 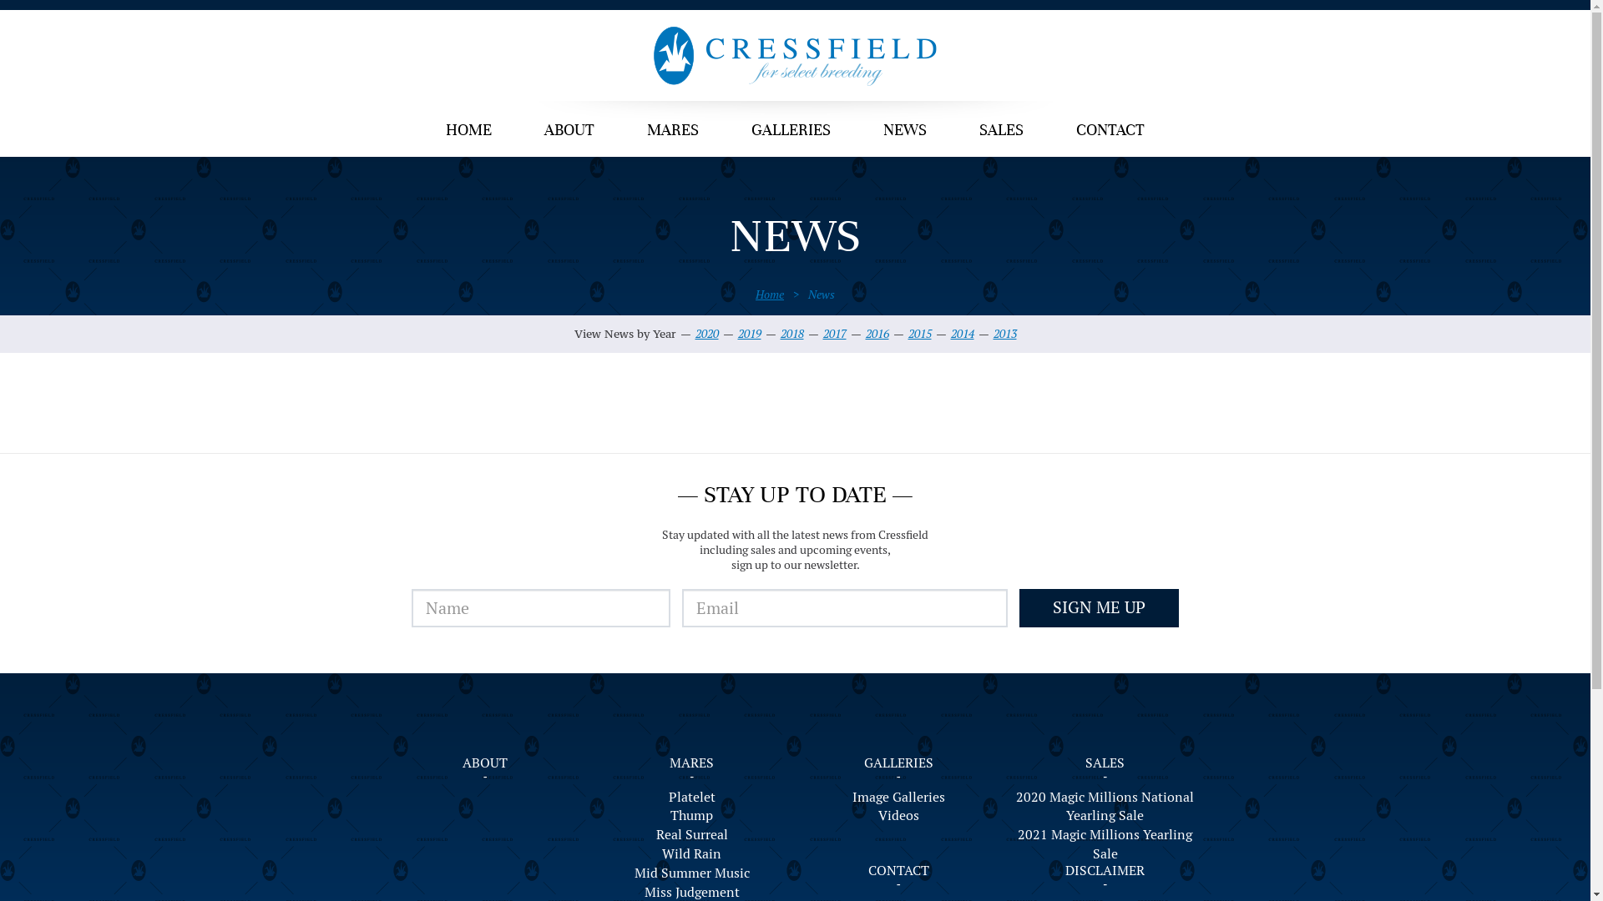 I want to click on '2020', so click(x=705, y=334).